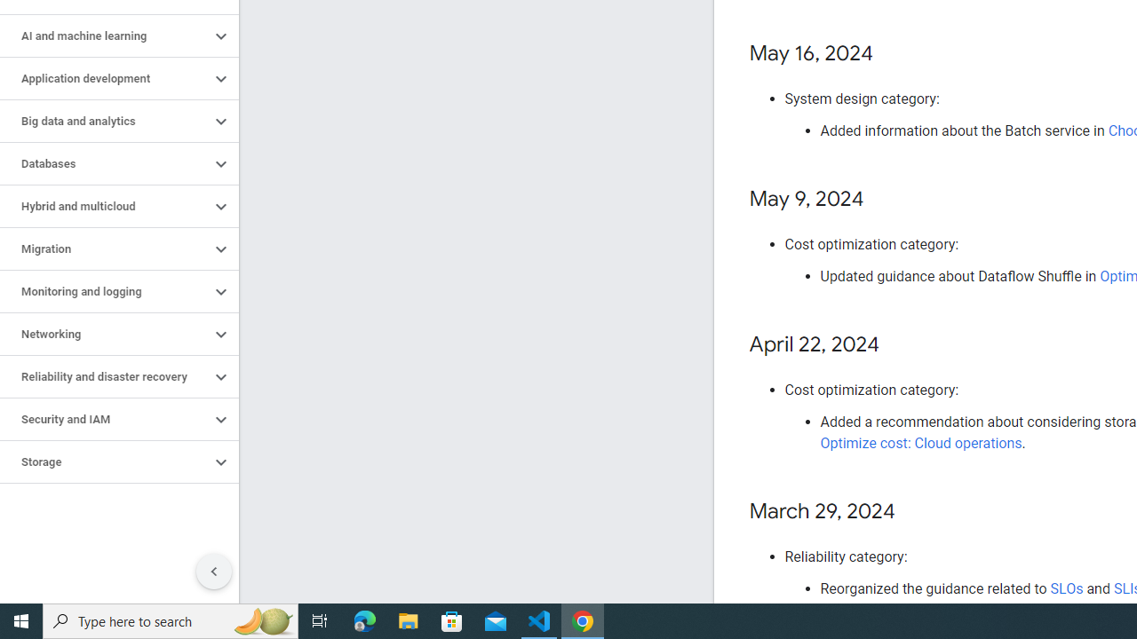 The width and height of the screenshot is (1137, 639). What do you see at coordinates (104, 291) in the screenshot?
I see `'Monitoring and logging'` at bounding box center [104, 291].